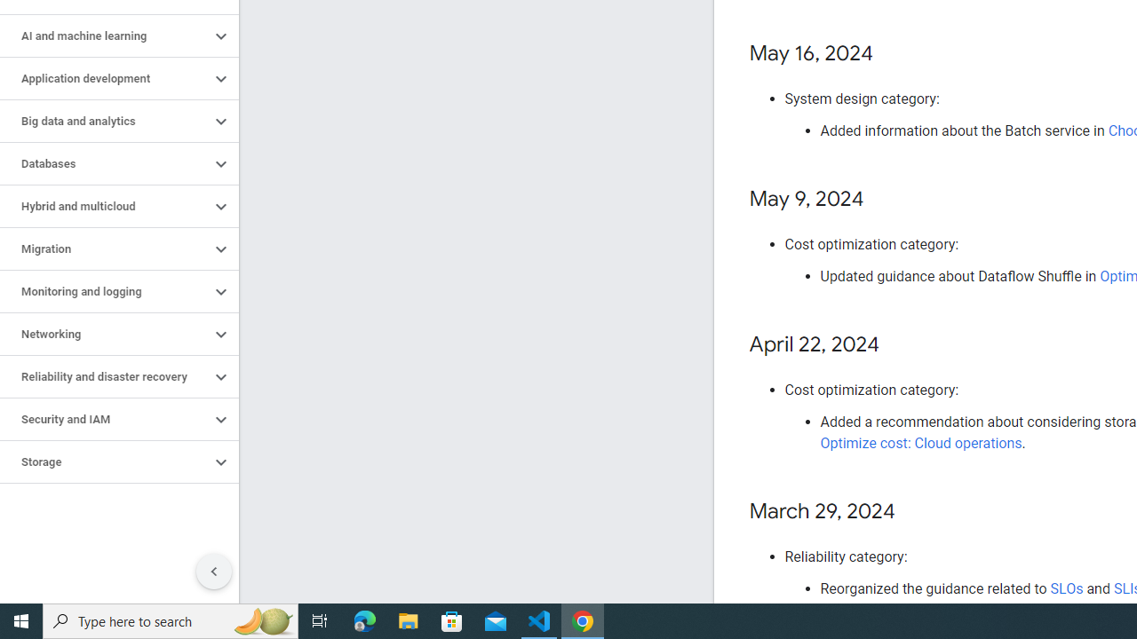 The width and height of the screenshot is (1137, 639). What do you see at coordinates (104, 291) in the screenshot?
I see `'Monitoring and logging'` at bounding box center [104, 291].